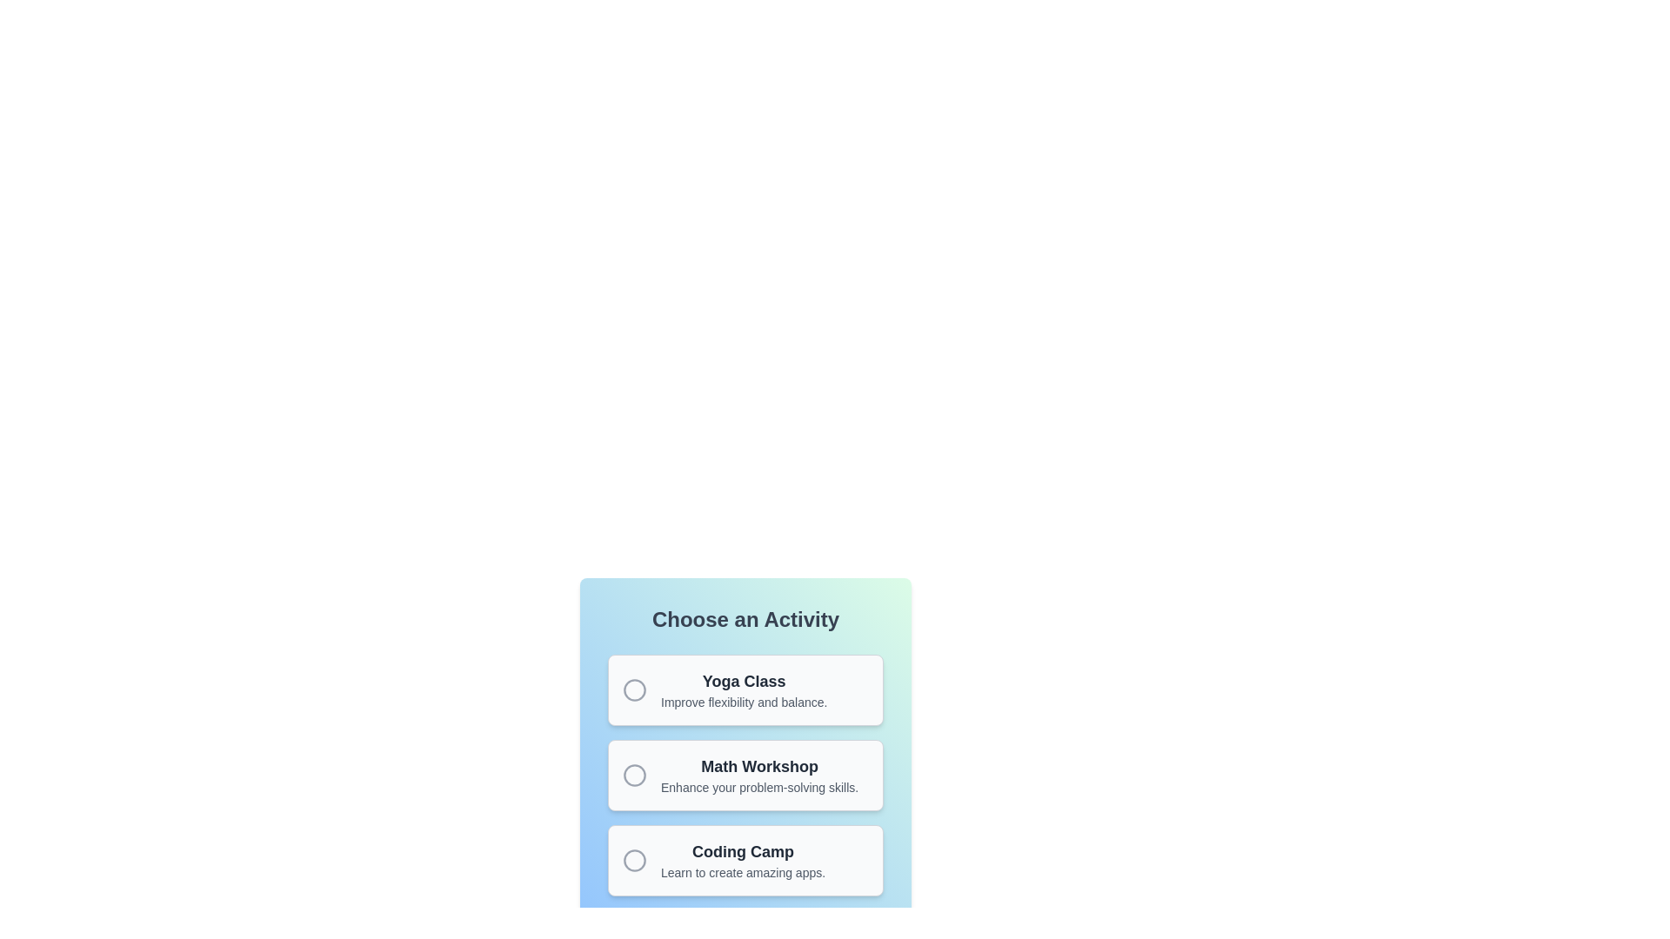  What do you see at coordinates (633, 861) in the screenshot?
I see `the radio button located within the 'Coding Camp' section` at bounding box center [633, 861].